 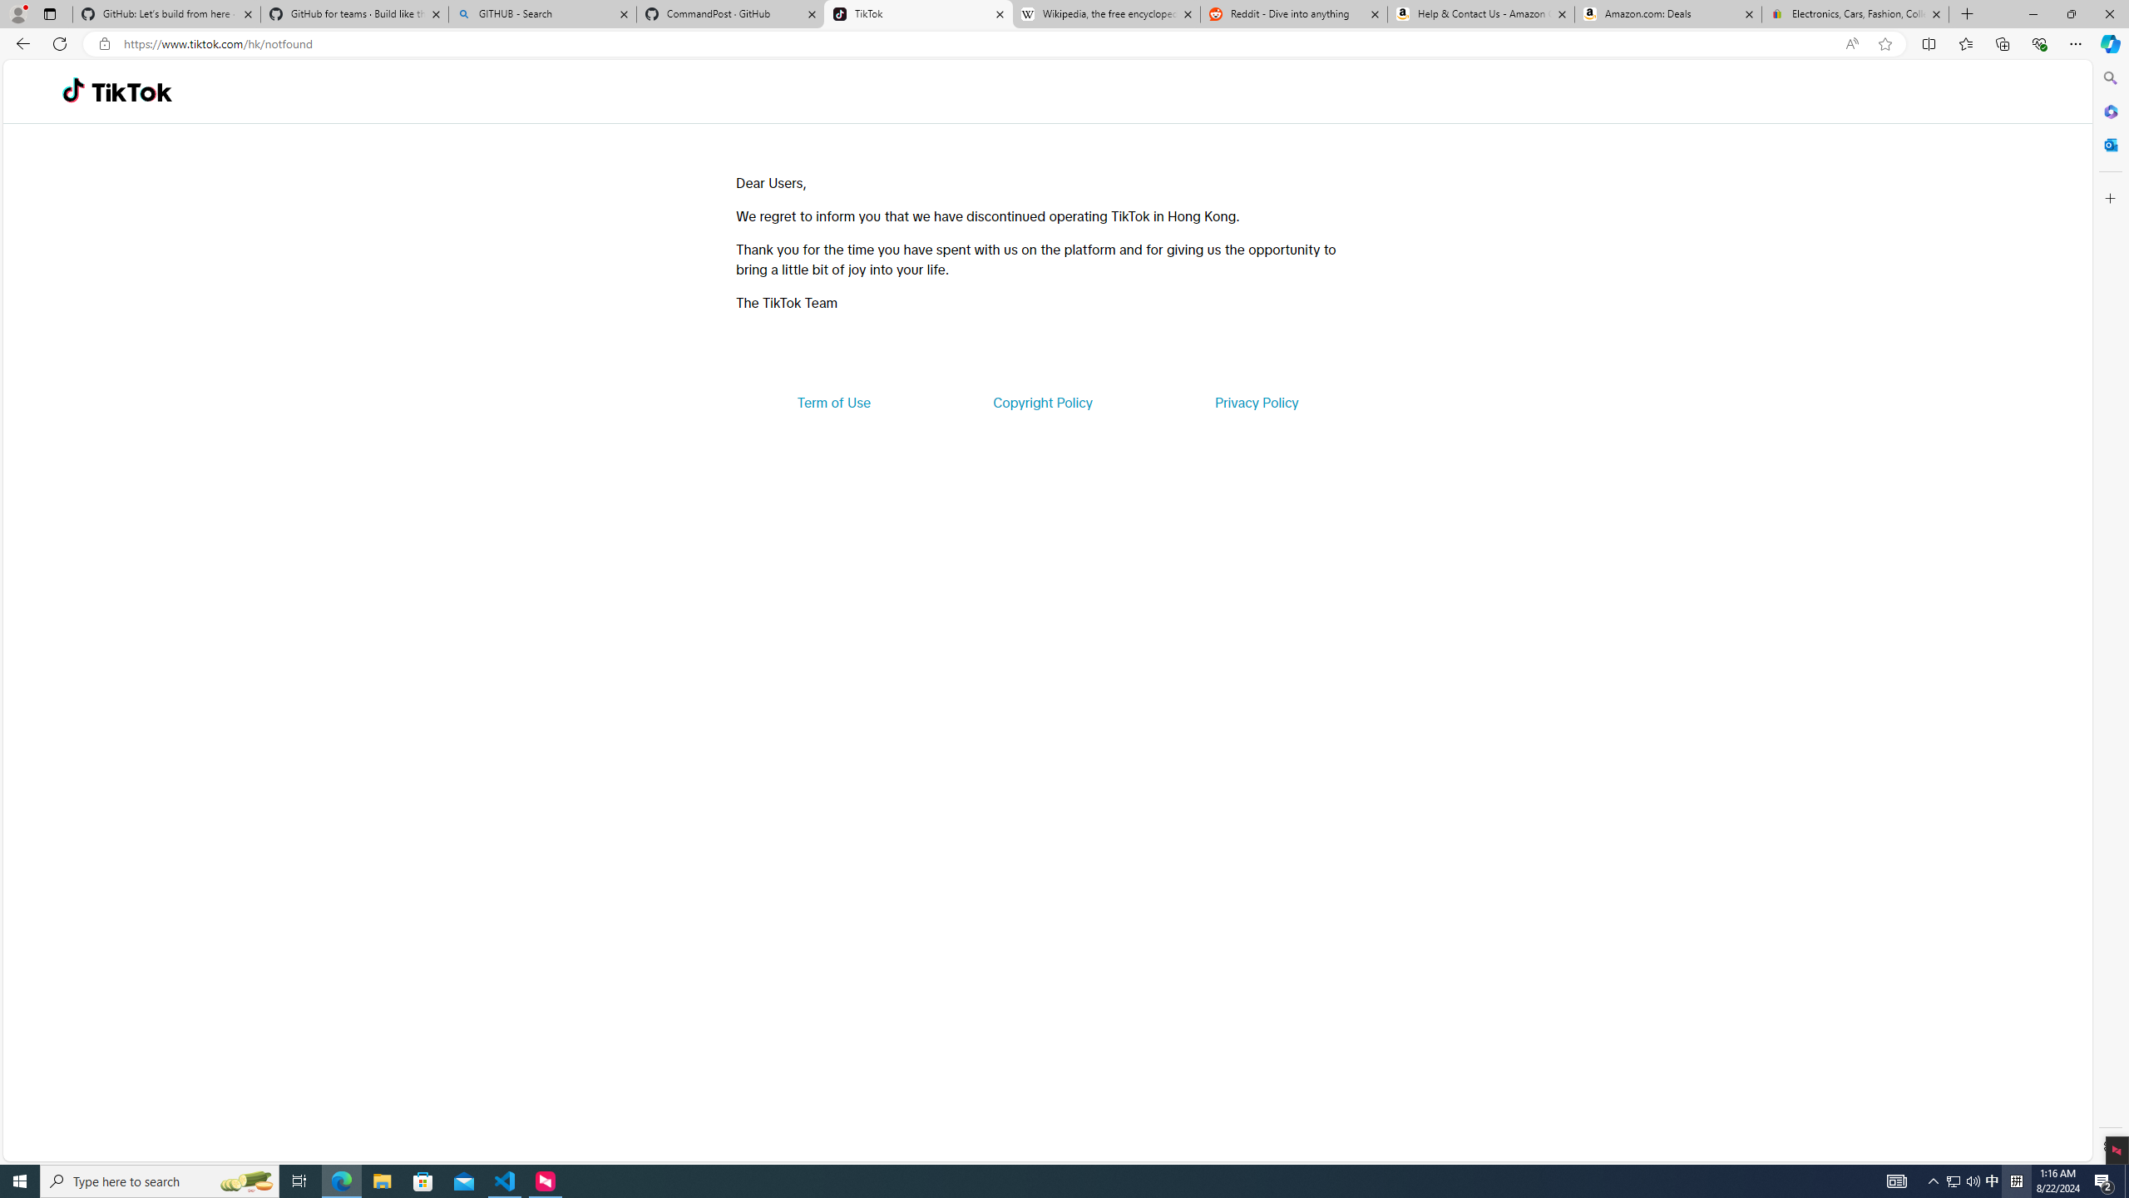 I want to click on 'Copyright Policy', so click(x=1041, y=401).